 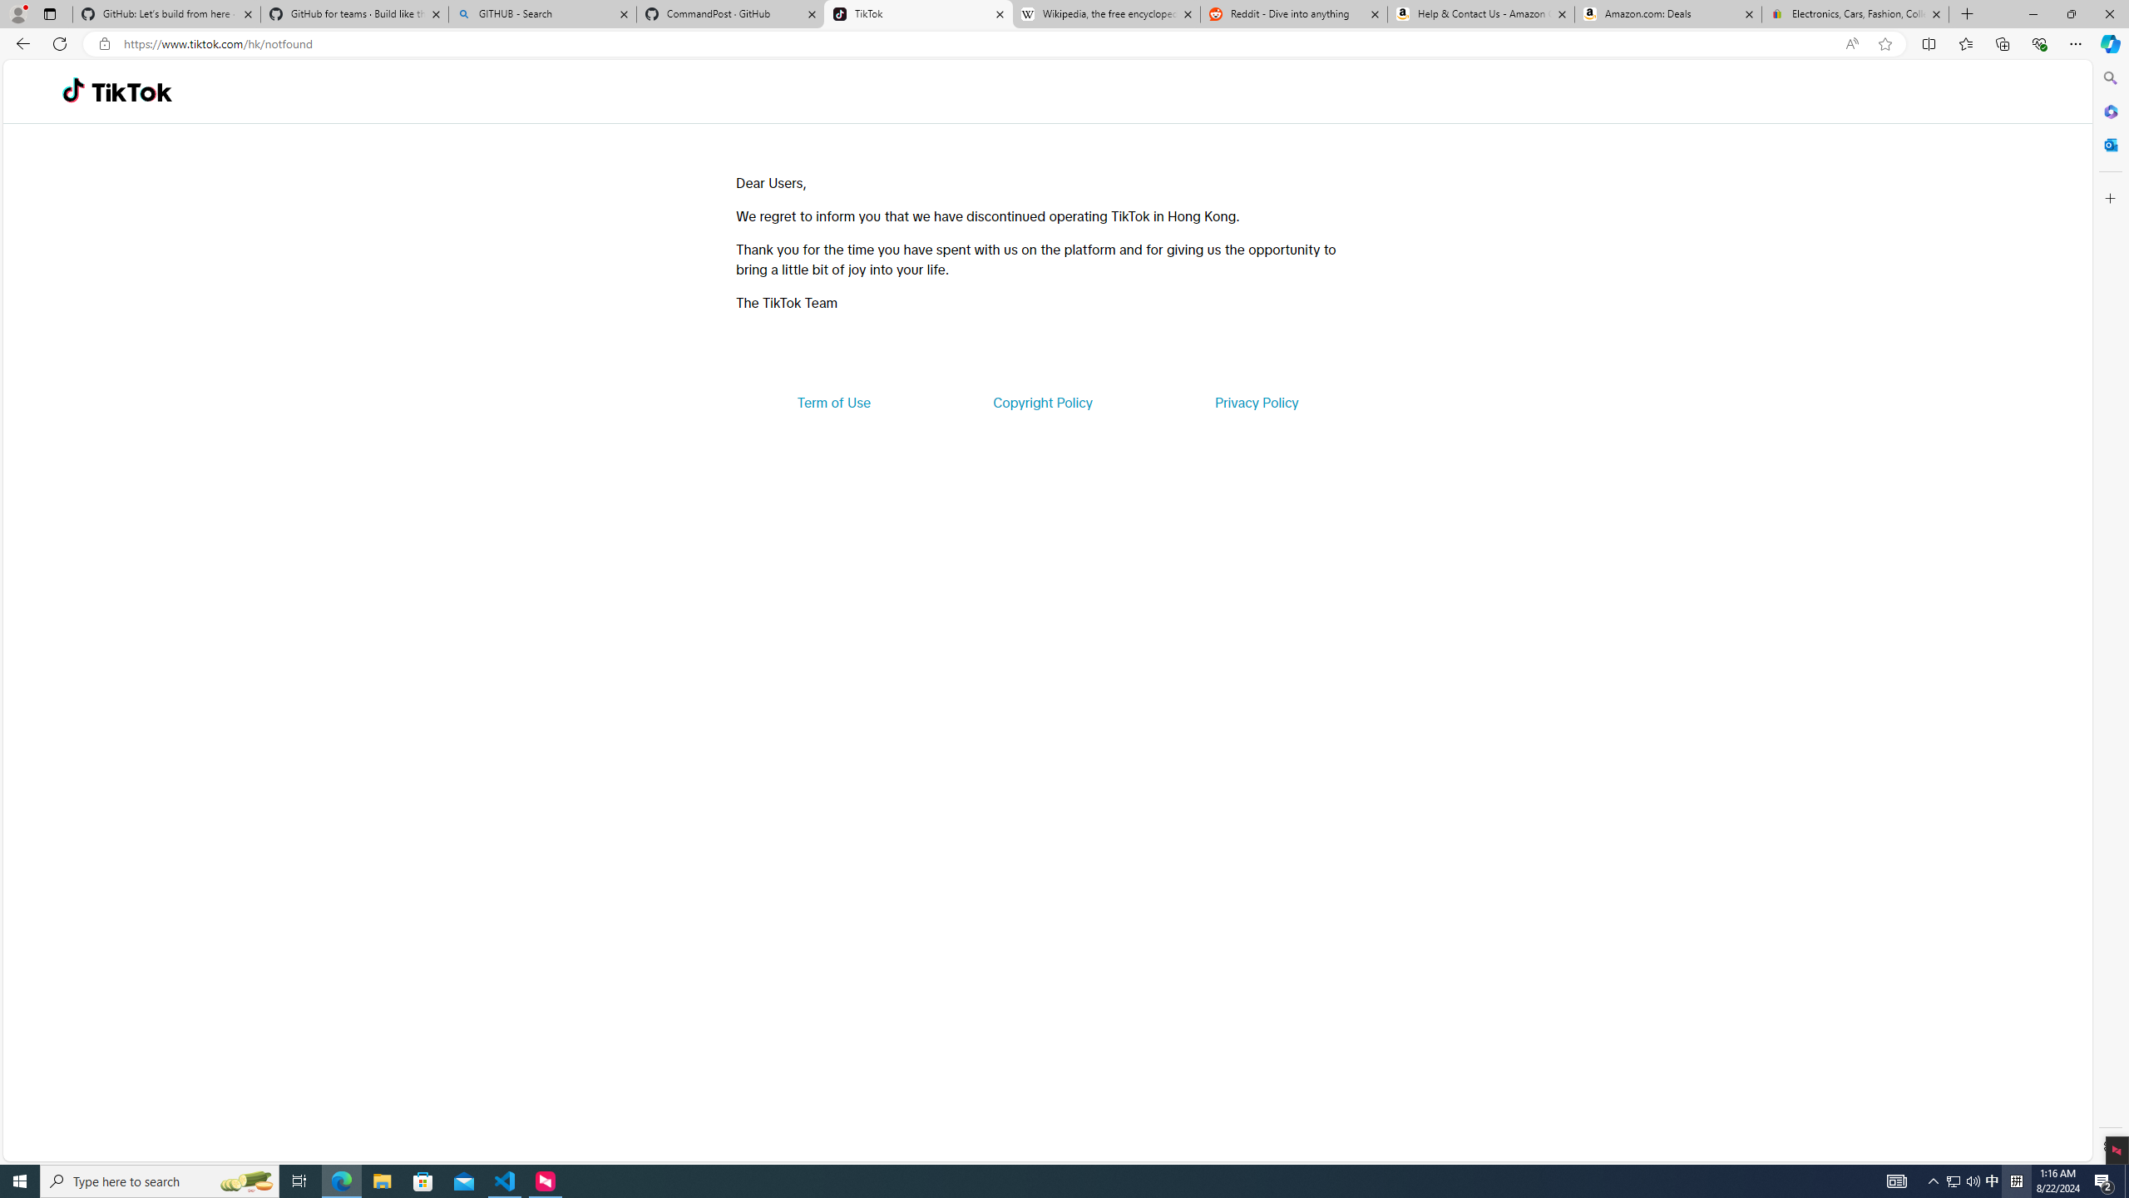 I want to click on 'Copyright Policy', so click(x=1041, y=401).